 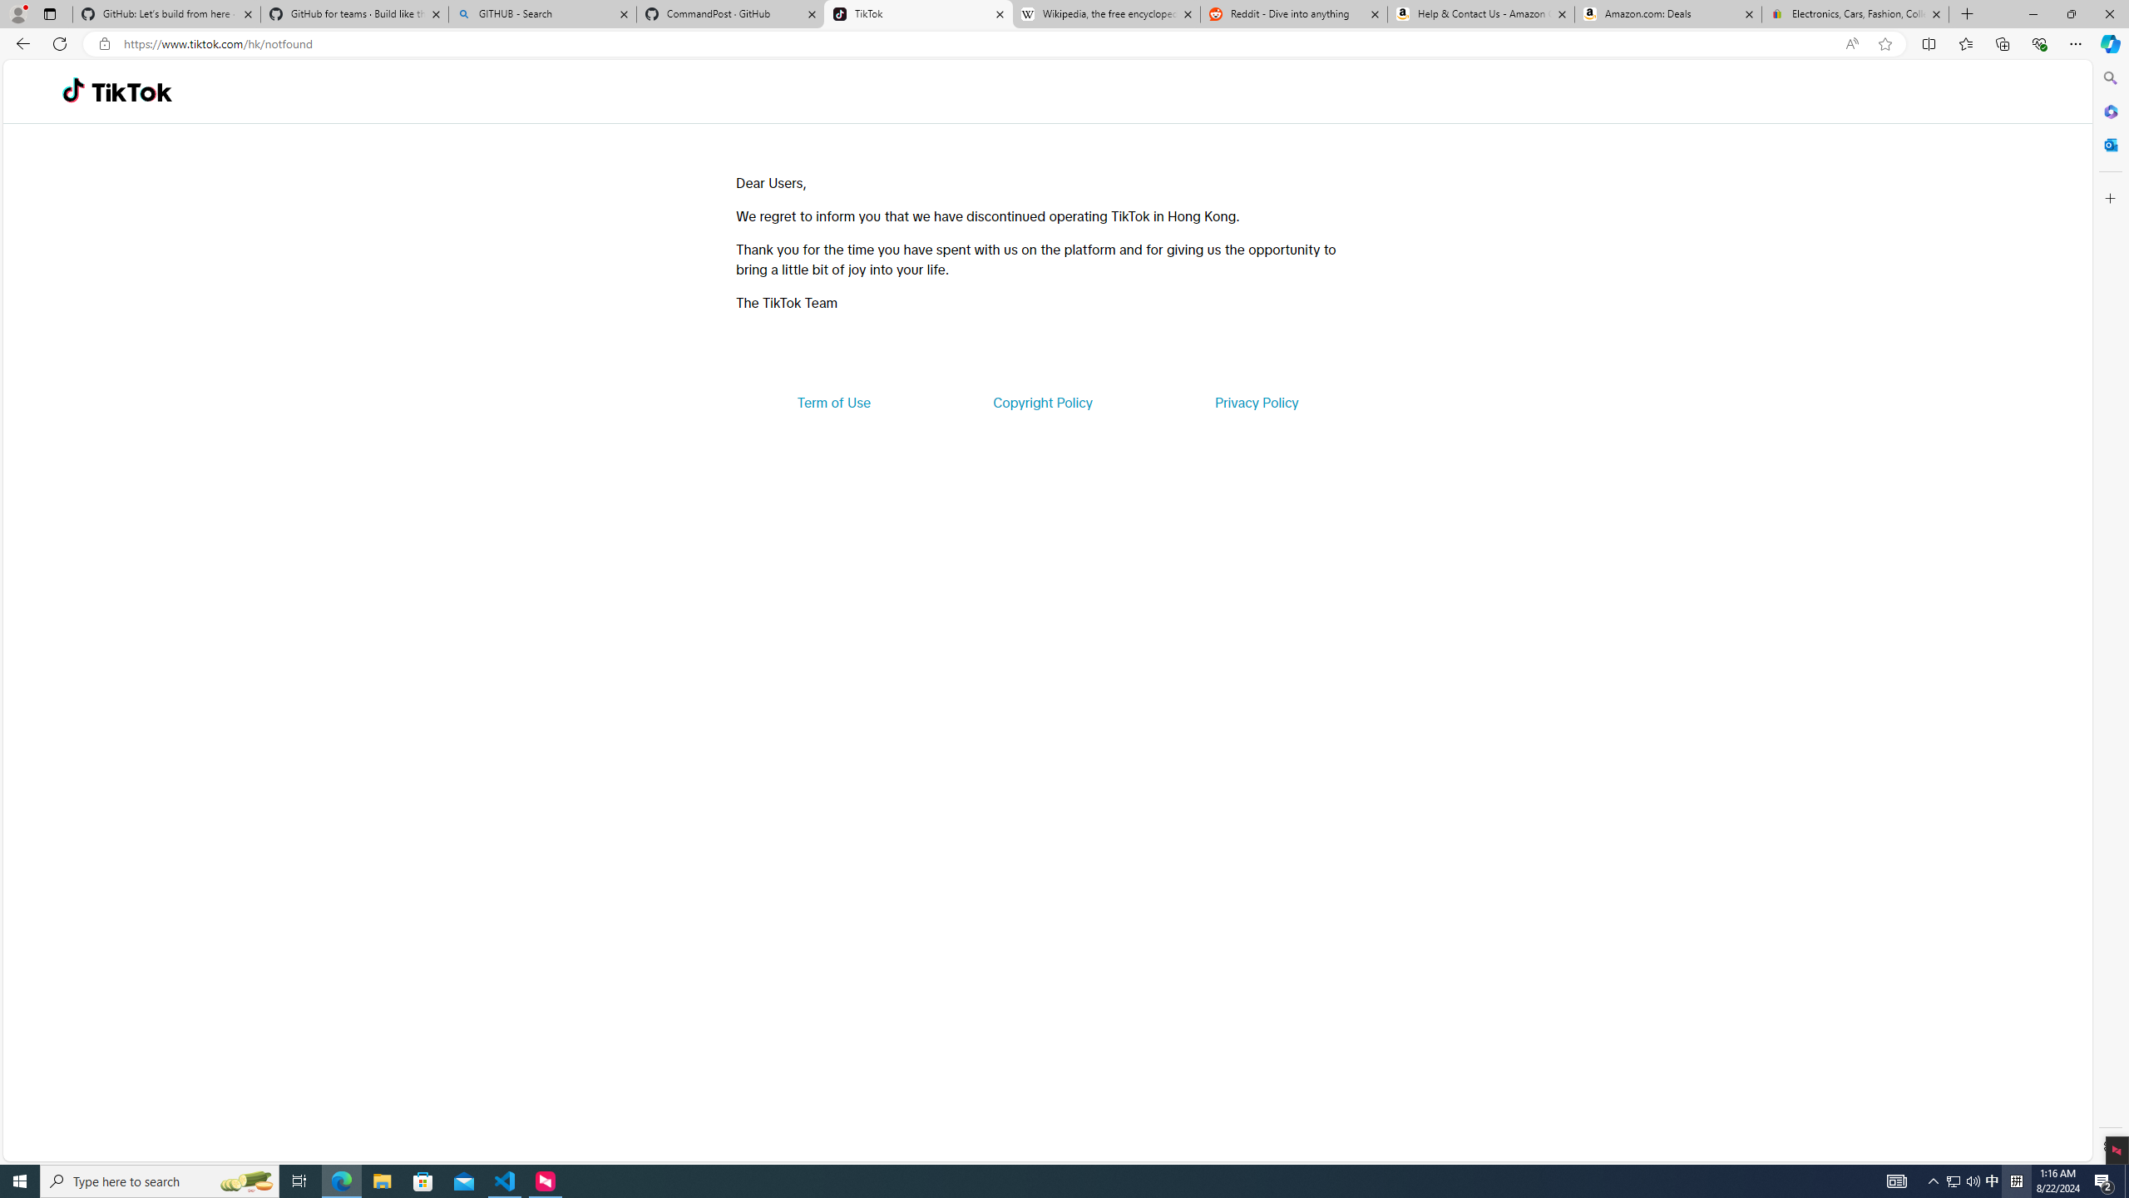 I want to click on 'Copyright Policy', so click(x=1041, y=401).